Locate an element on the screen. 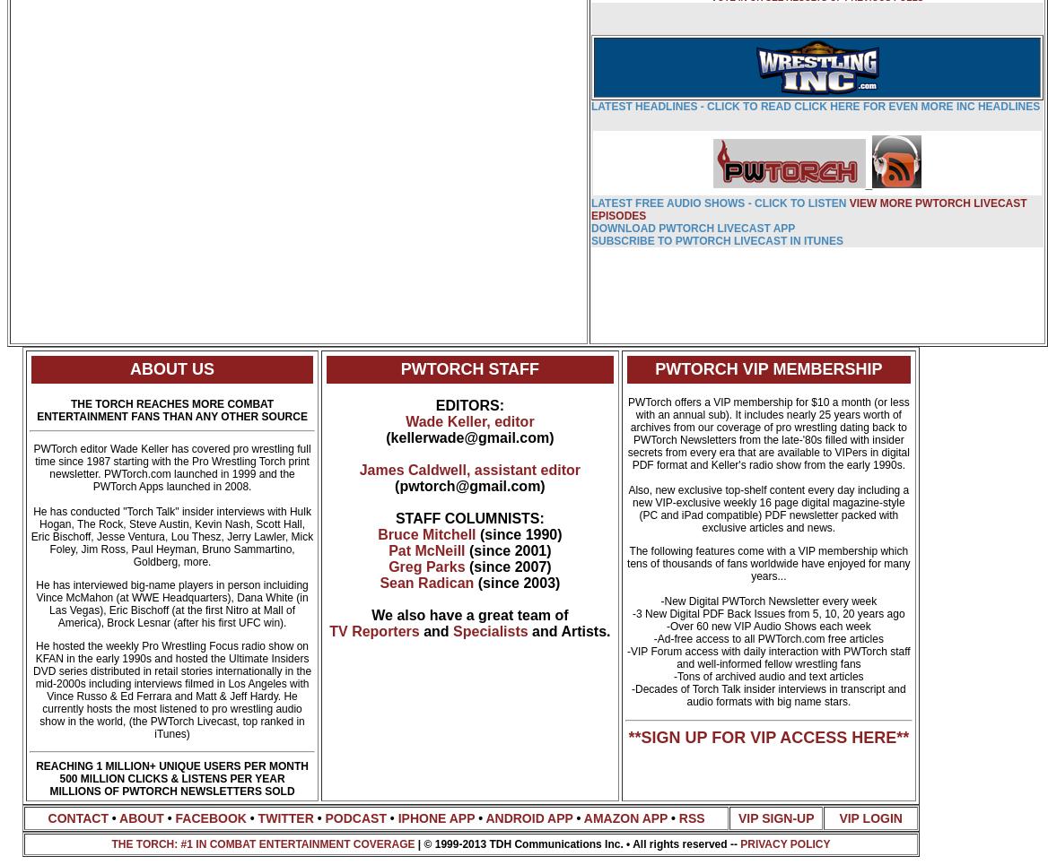  '500 MILLION  CLICKS & LISTENS PER YEAR' is located at coordinates (58, 778).